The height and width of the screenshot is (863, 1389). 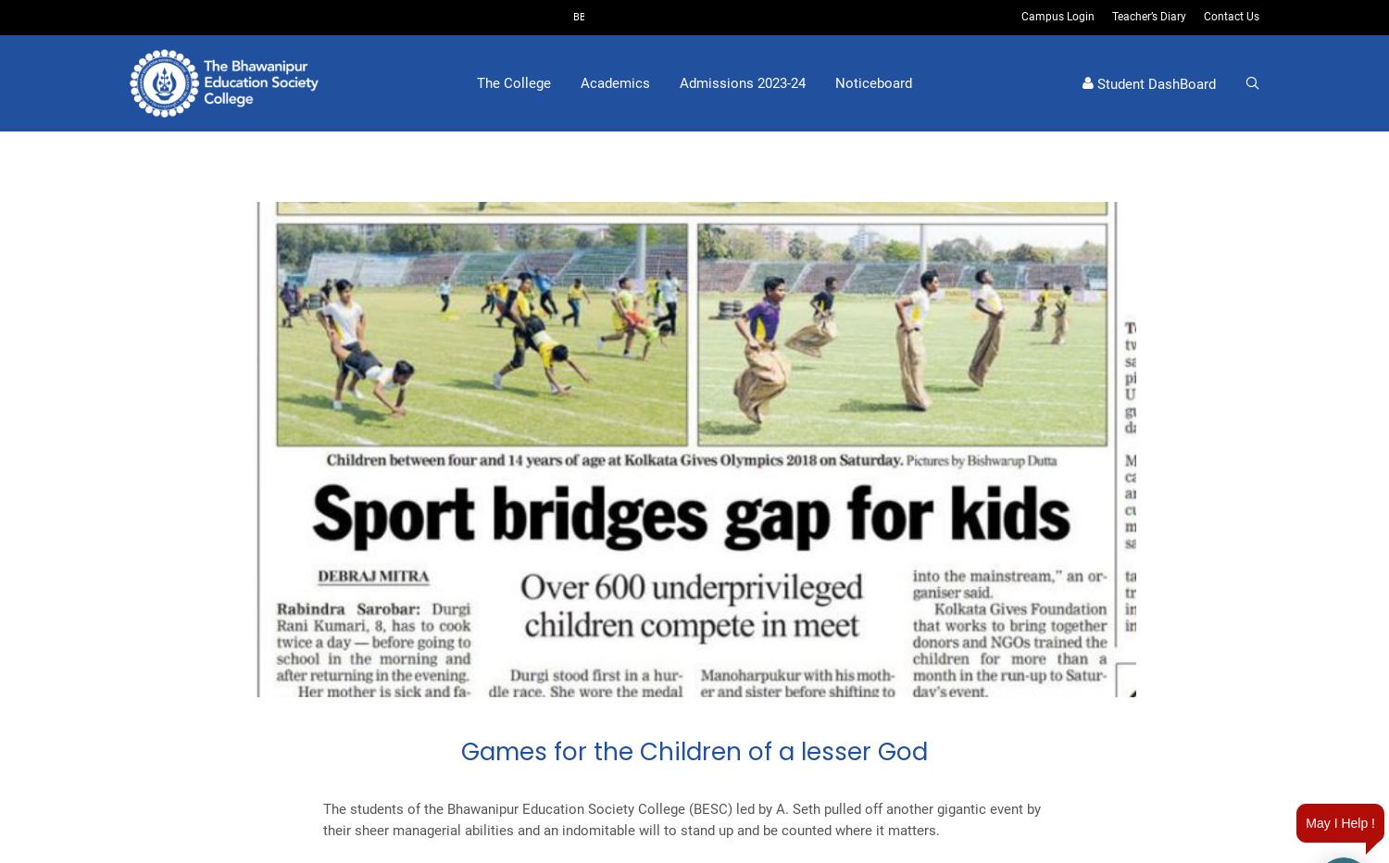 What do you see at coordinates (1339, 823) in the screenshot?
I see `'May I Help !'` at bounding box center [1339, 823].